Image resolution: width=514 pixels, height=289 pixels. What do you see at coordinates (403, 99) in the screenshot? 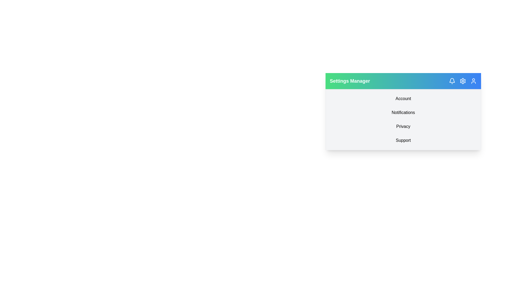
I see `the 'Account' menu item to select it` at bounding box center [403, 99].